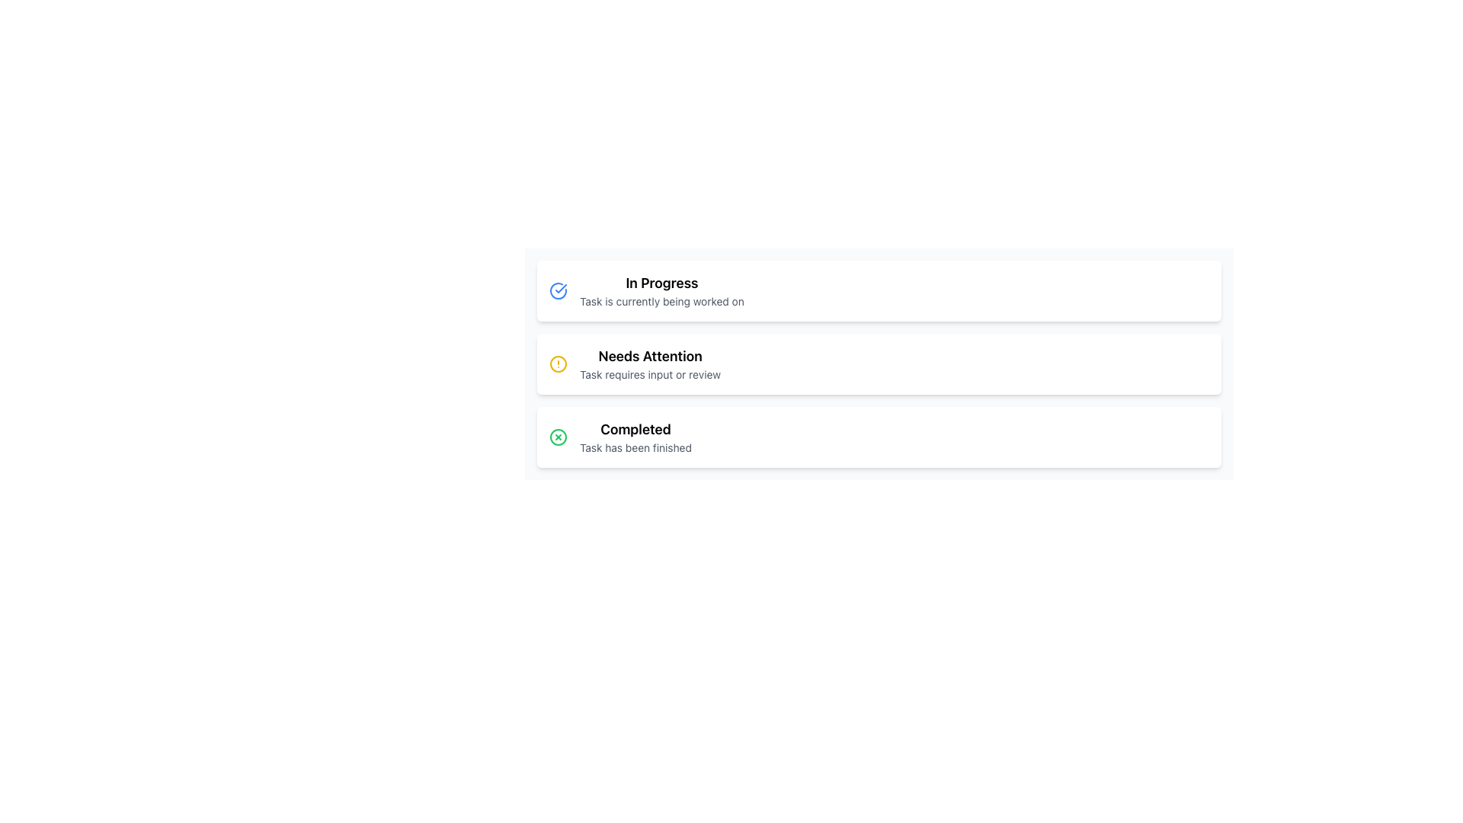 This screenshot has height=823, width=1463. I want to click on the Text Display with Icon that reads 'Needs Attention' and has a warning icon, for review, so click(650, 364).